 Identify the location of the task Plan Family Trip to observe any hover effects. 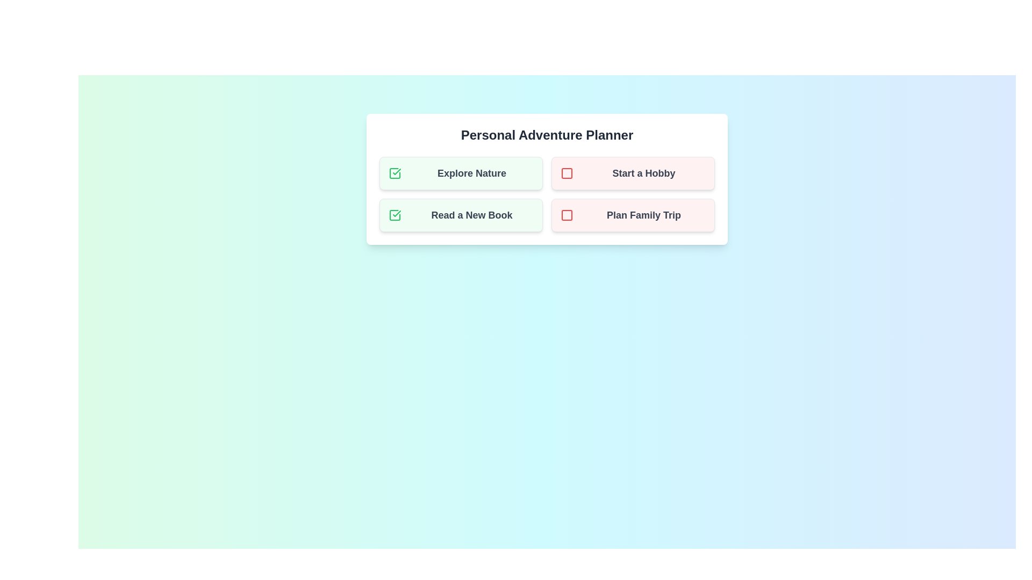
(633, 215).